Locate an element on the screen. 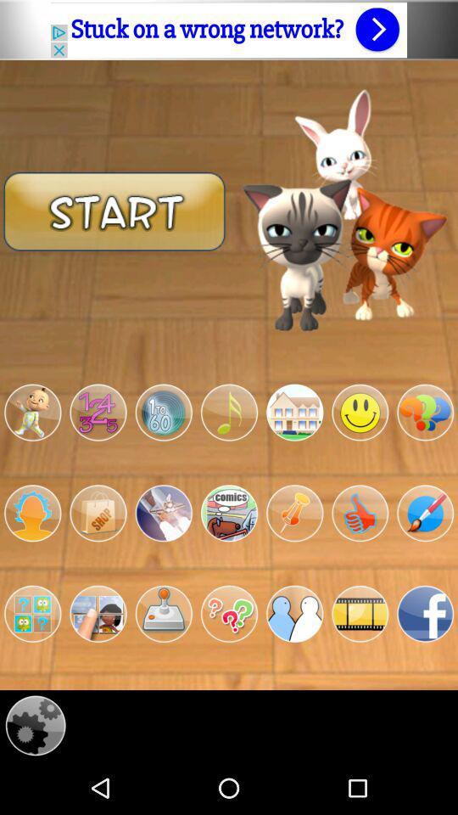 This screenshot has width=458, height=815. website is located at coordinates (229, 29).